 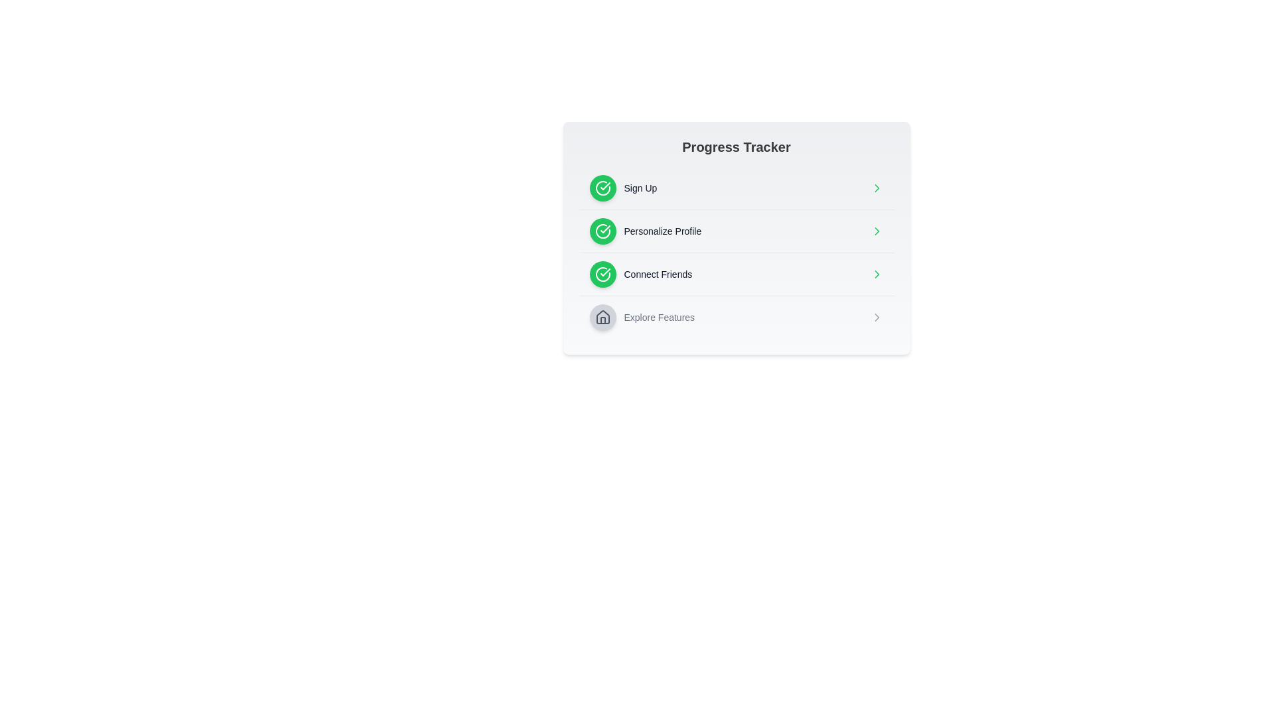 I want to click on the icon button indicating the completion of the 'Personalize Profile' task in the progress tracker, which is the second item in the list, so click(x=602, y=230).